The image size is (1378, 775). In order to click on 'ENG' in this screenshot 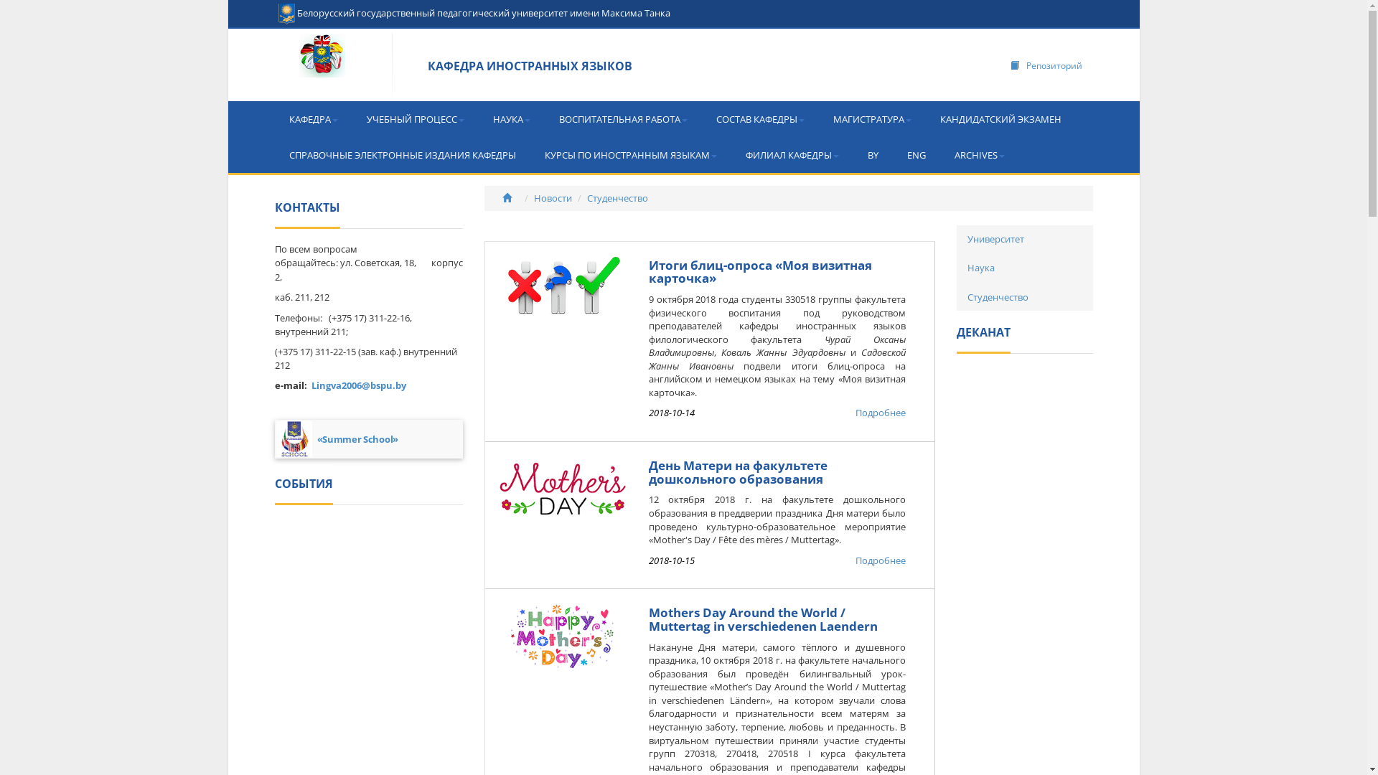, I will do `click(891, 155)`.